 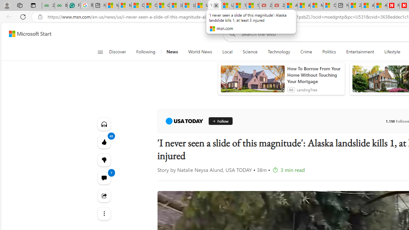 What do you see at coordinates (184, 121) in the screenshot?
I see `'USA TODAY'` at bounding box center [184, 121].